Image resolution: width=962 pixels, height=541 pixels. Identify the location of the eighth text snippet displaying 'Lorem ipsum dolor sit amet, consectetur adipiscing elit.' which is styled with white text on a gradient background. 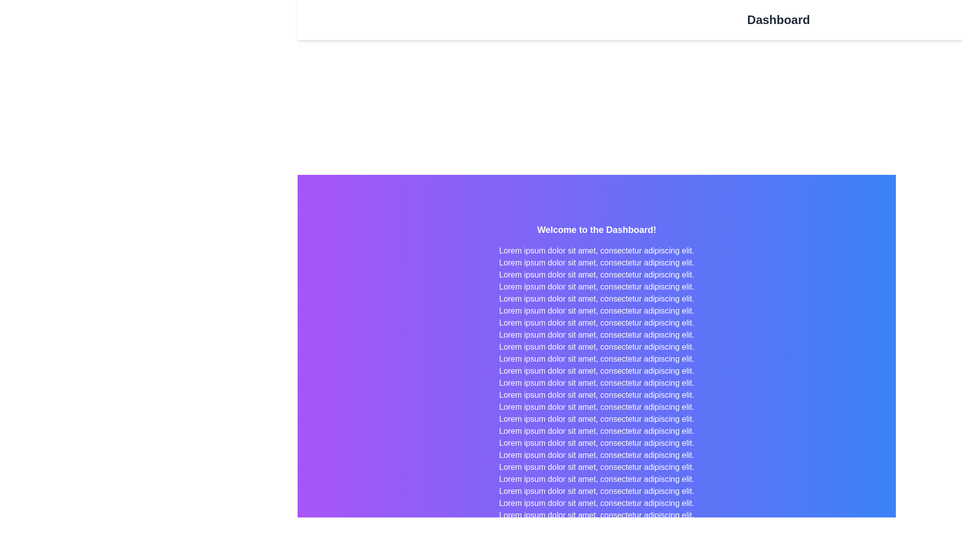
(596, 323).